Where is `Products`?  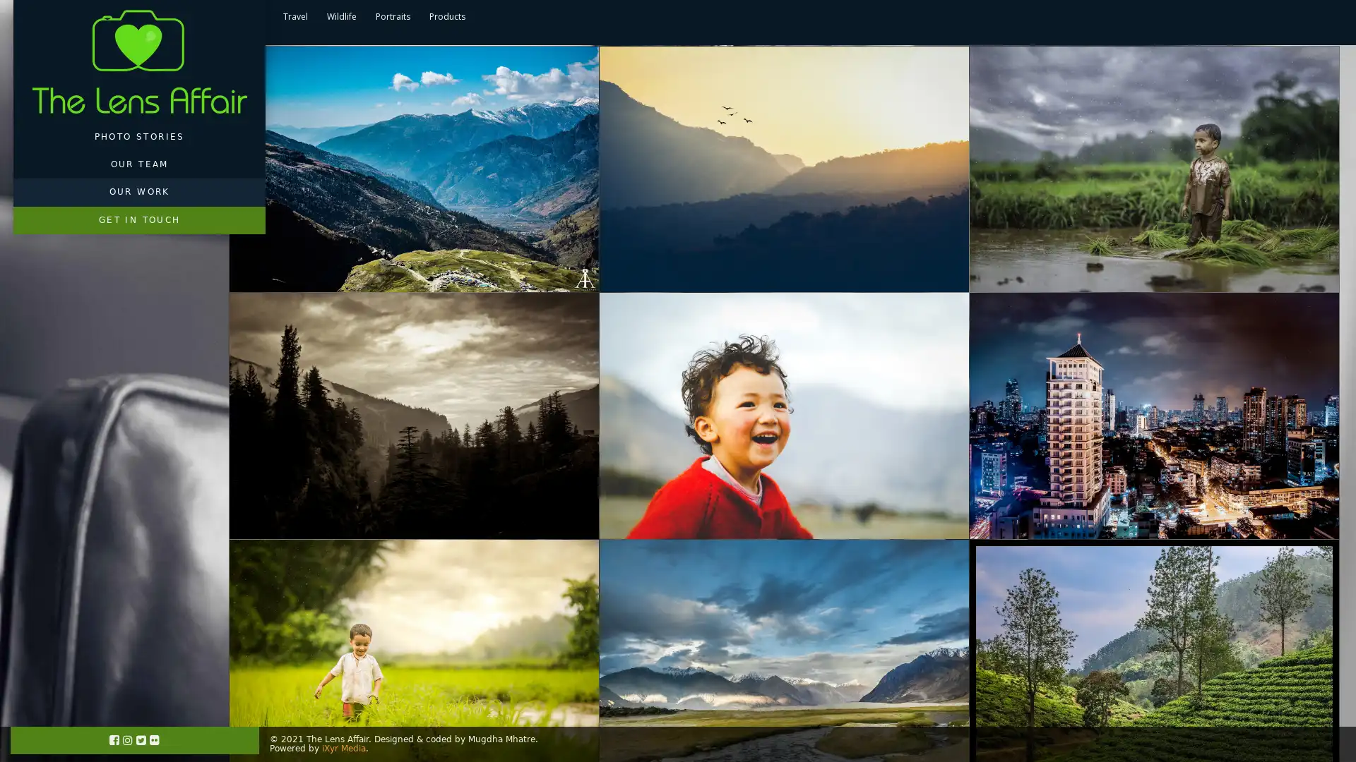
Products is located at coordinates (446, 16).